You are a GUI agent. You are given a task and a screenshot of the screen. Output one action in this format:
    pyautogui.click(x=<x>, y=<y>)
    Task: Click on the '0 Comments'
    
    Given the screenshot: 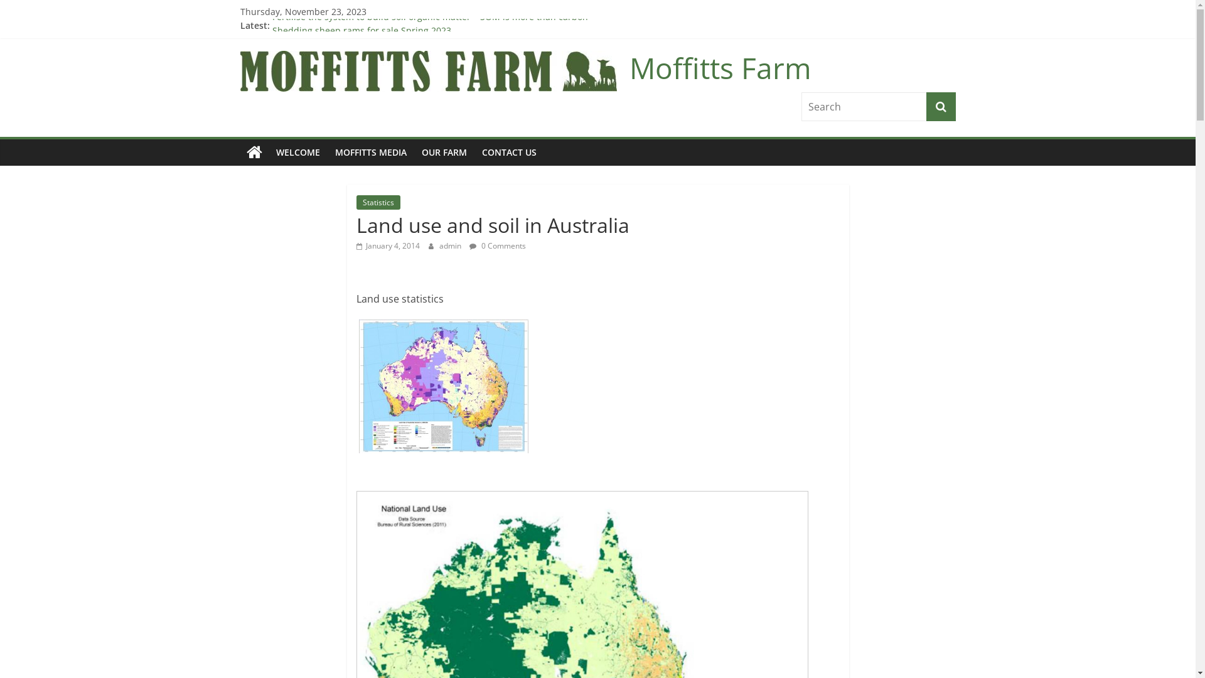 What is the action you would take?
    pyautogui.click(x=496, y=245)
    